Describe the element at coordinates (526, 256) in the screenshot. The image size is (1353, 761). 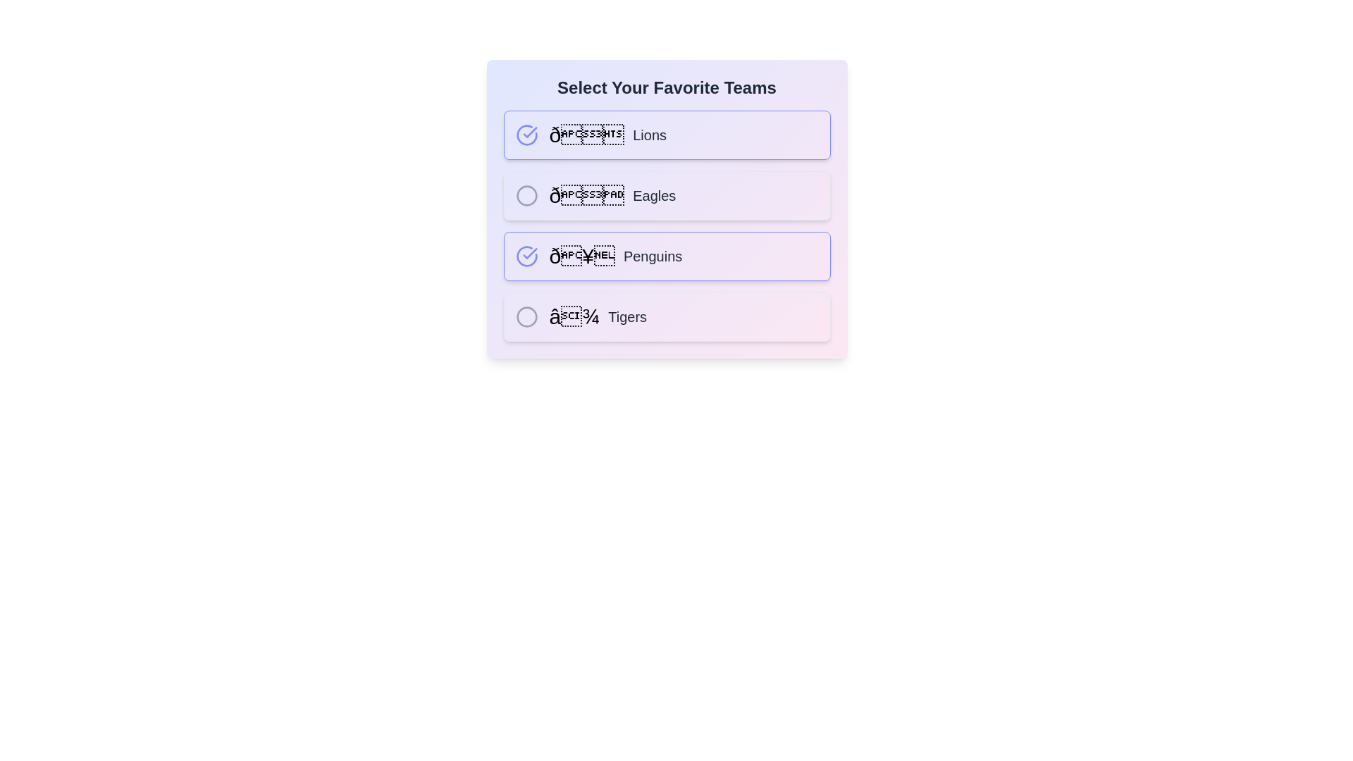
I see `the team Penguins` at that location.